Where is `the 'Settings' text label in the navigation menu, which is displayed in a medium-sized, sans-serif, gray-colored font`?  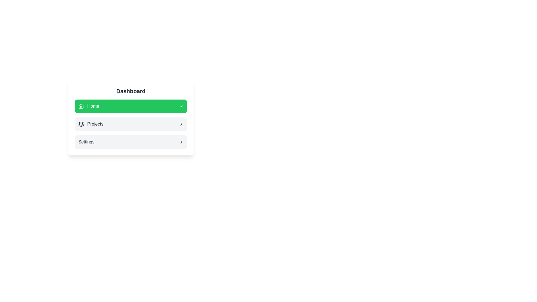
the 'Settings' text label in the navigation menu, which is displayed in a medium-sized, sans-serif, gray-colored font is located at coordinates (86, 142).